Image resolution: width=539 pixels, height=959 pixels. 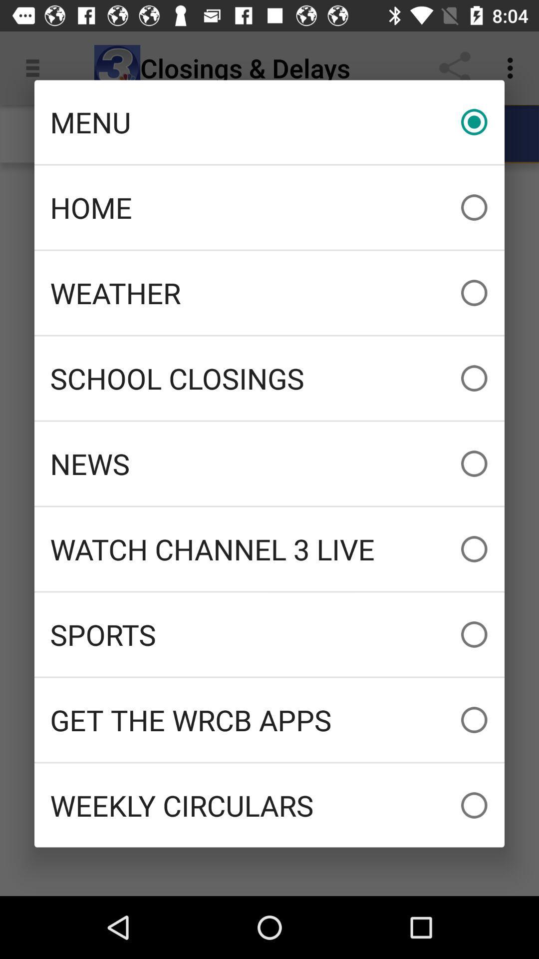 What do you see at coordinates (269, 805) in the screenshot?
I see `the icon below get the wrcb` at bounding box center [269, 805].